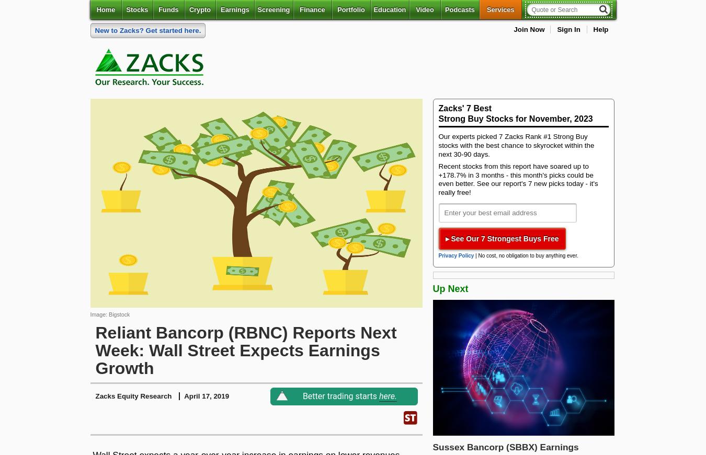  Describe the element at coordinates (464, 108) in the screenshot. I see `'Zacks' 7 Best'` at that location.